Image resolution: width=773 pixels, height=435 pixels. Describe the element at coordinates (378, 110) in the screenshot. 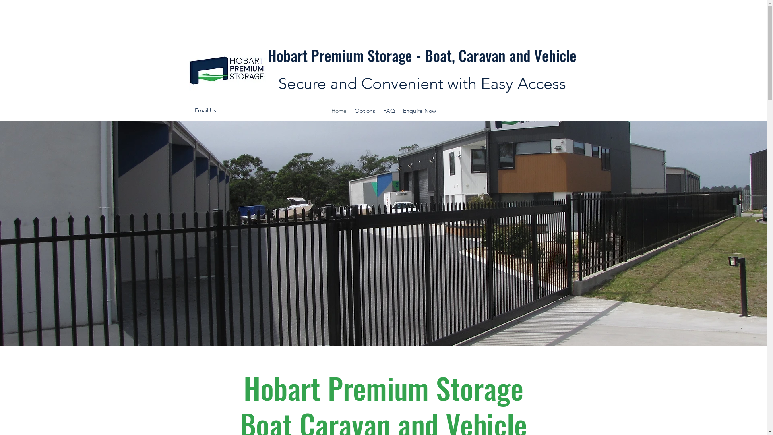

I see `'FAQ'` at that location.